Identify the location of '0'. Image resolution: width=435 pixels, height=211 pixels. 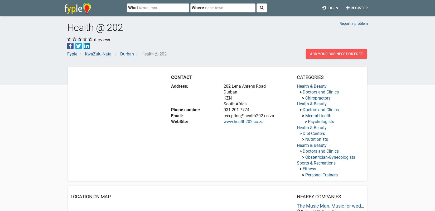
(94, 39).